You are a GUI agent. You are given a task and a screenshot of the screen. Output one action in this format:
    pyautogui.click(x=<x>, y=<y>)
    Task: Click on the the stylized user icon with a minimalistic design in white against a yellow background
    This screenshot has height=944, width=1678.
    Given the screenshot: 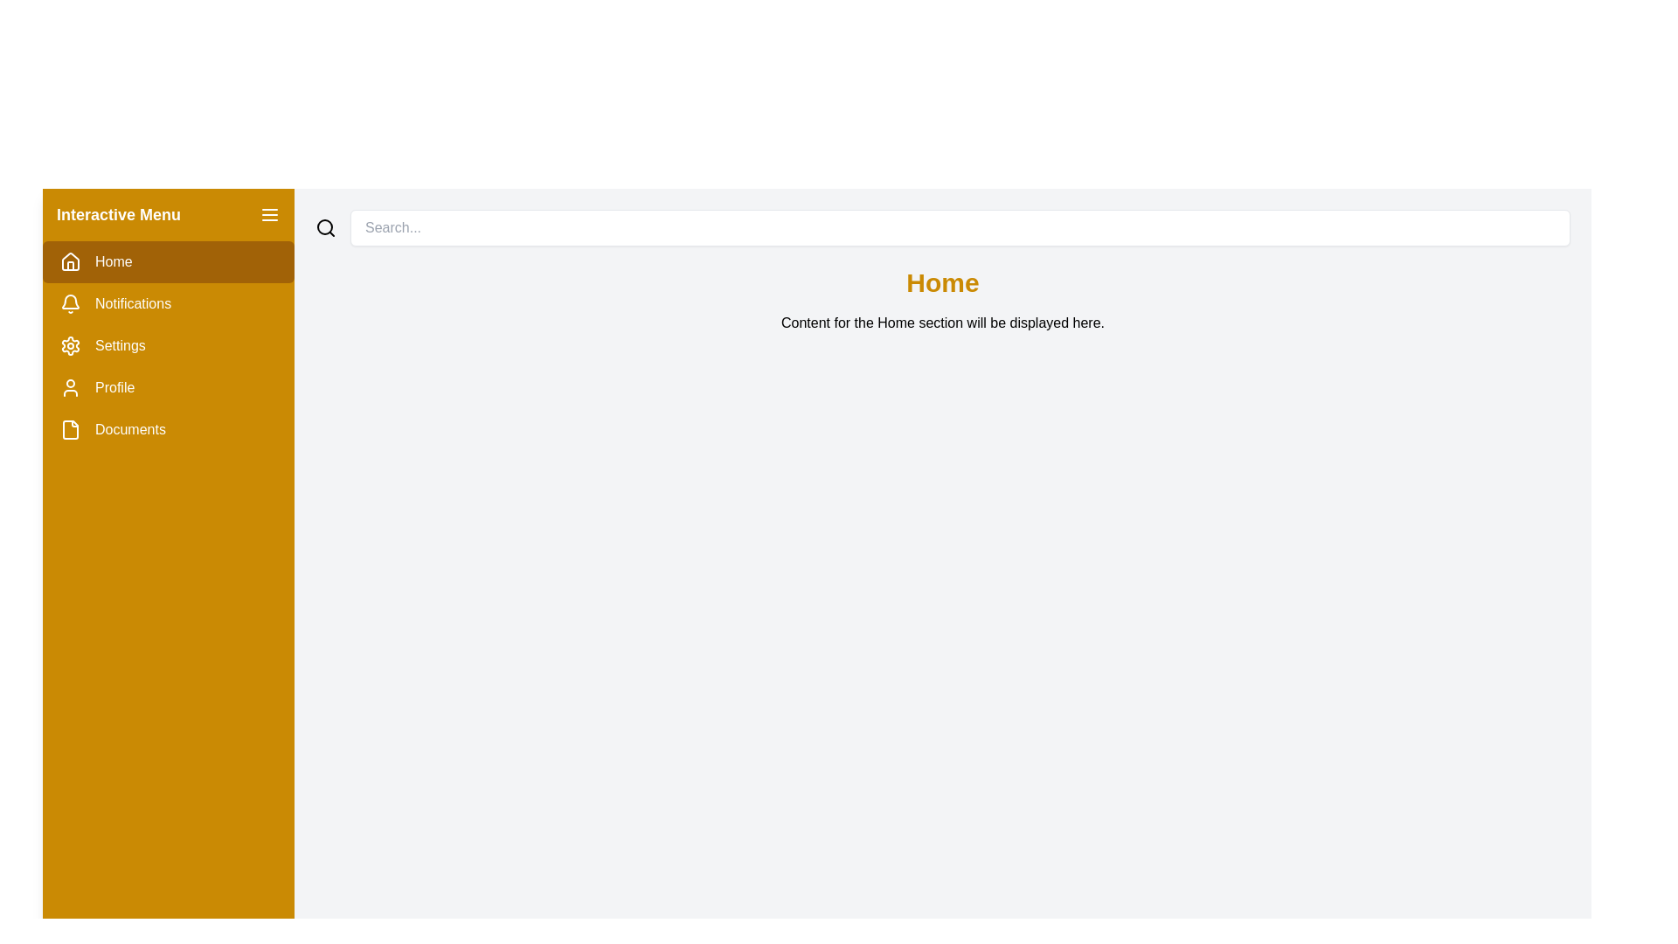 What is the action you would take?
    pyautogui.click(x=70, y=386)
    